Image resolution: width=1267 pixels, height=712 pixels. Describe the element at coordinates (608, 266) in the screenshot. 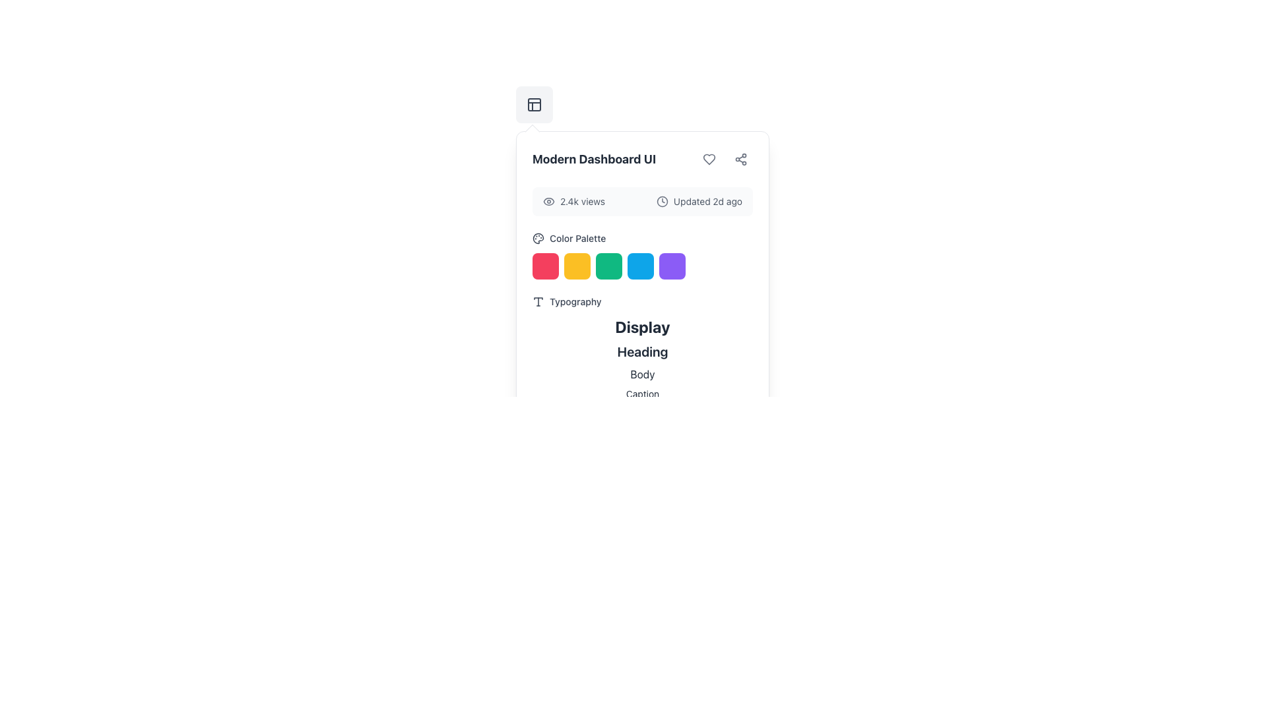

I see `the vibrant green color swatch, which is the third of five horizontally aligned boxes, to trigger its hover effect` at that location.